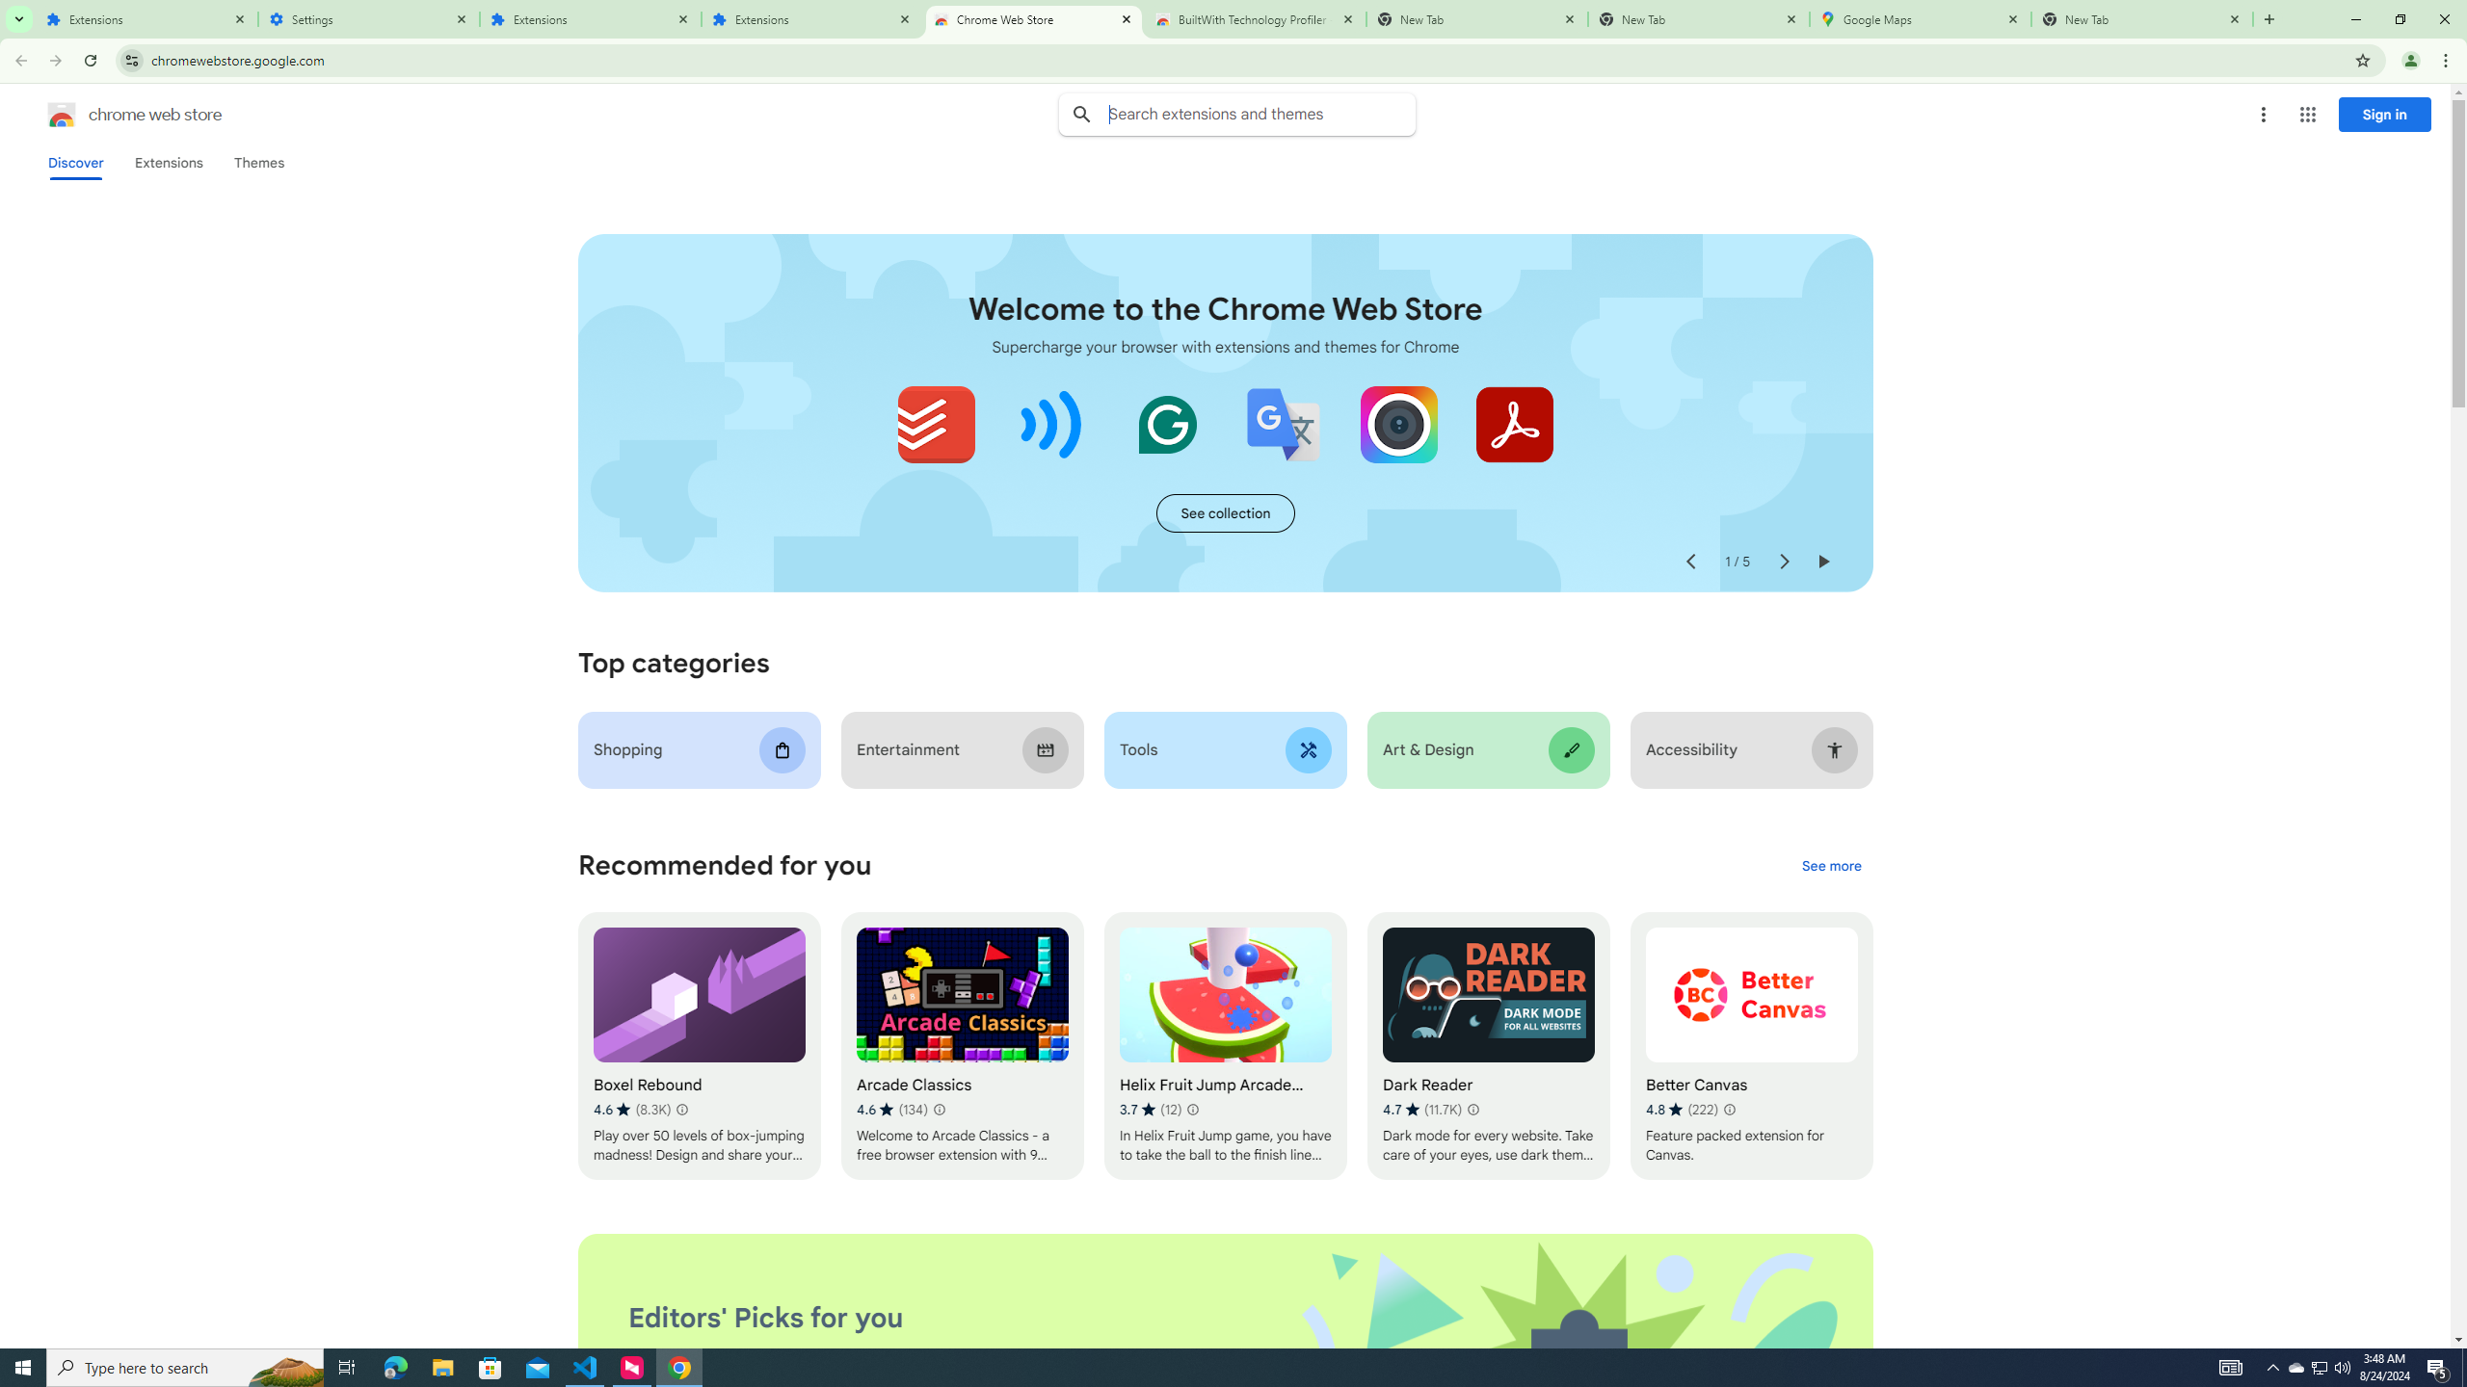 Image resolution: width=2467 pixels, height=1387 pixels. I want to click on 'Arcade Classics', so click(962, 1045).